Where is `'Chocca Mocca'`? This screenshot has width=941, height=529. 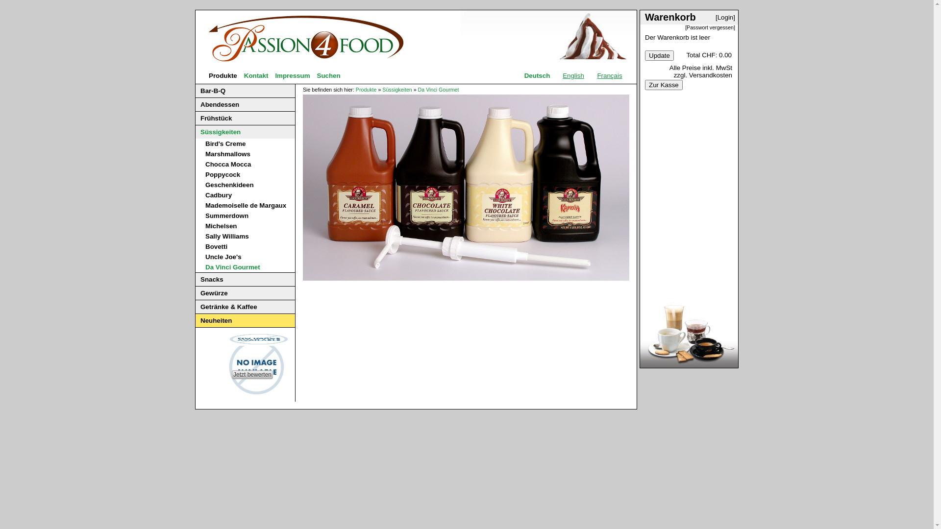
'Chocca Mocca' is located at coordinates (204, 164).